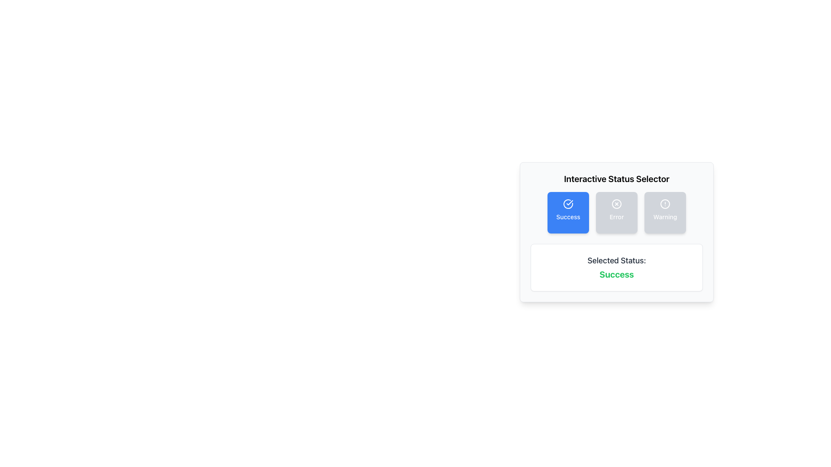 The width and height of the screenshot is (831, 467). What do you see at coordinates (616, 213) in the screenshot?
I see `the 'Error' status button in the 'Interactive Status Selector'` at bounding box center [616, 213].